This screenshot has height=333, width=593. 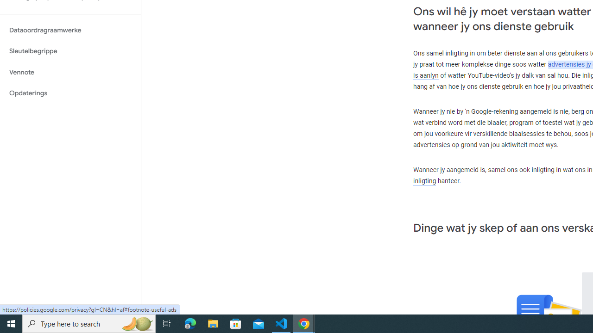 What do you see at coordinates (70, 93) in the screenshot?
I see `'Opdaterings'` at bounding box center [70, 93].